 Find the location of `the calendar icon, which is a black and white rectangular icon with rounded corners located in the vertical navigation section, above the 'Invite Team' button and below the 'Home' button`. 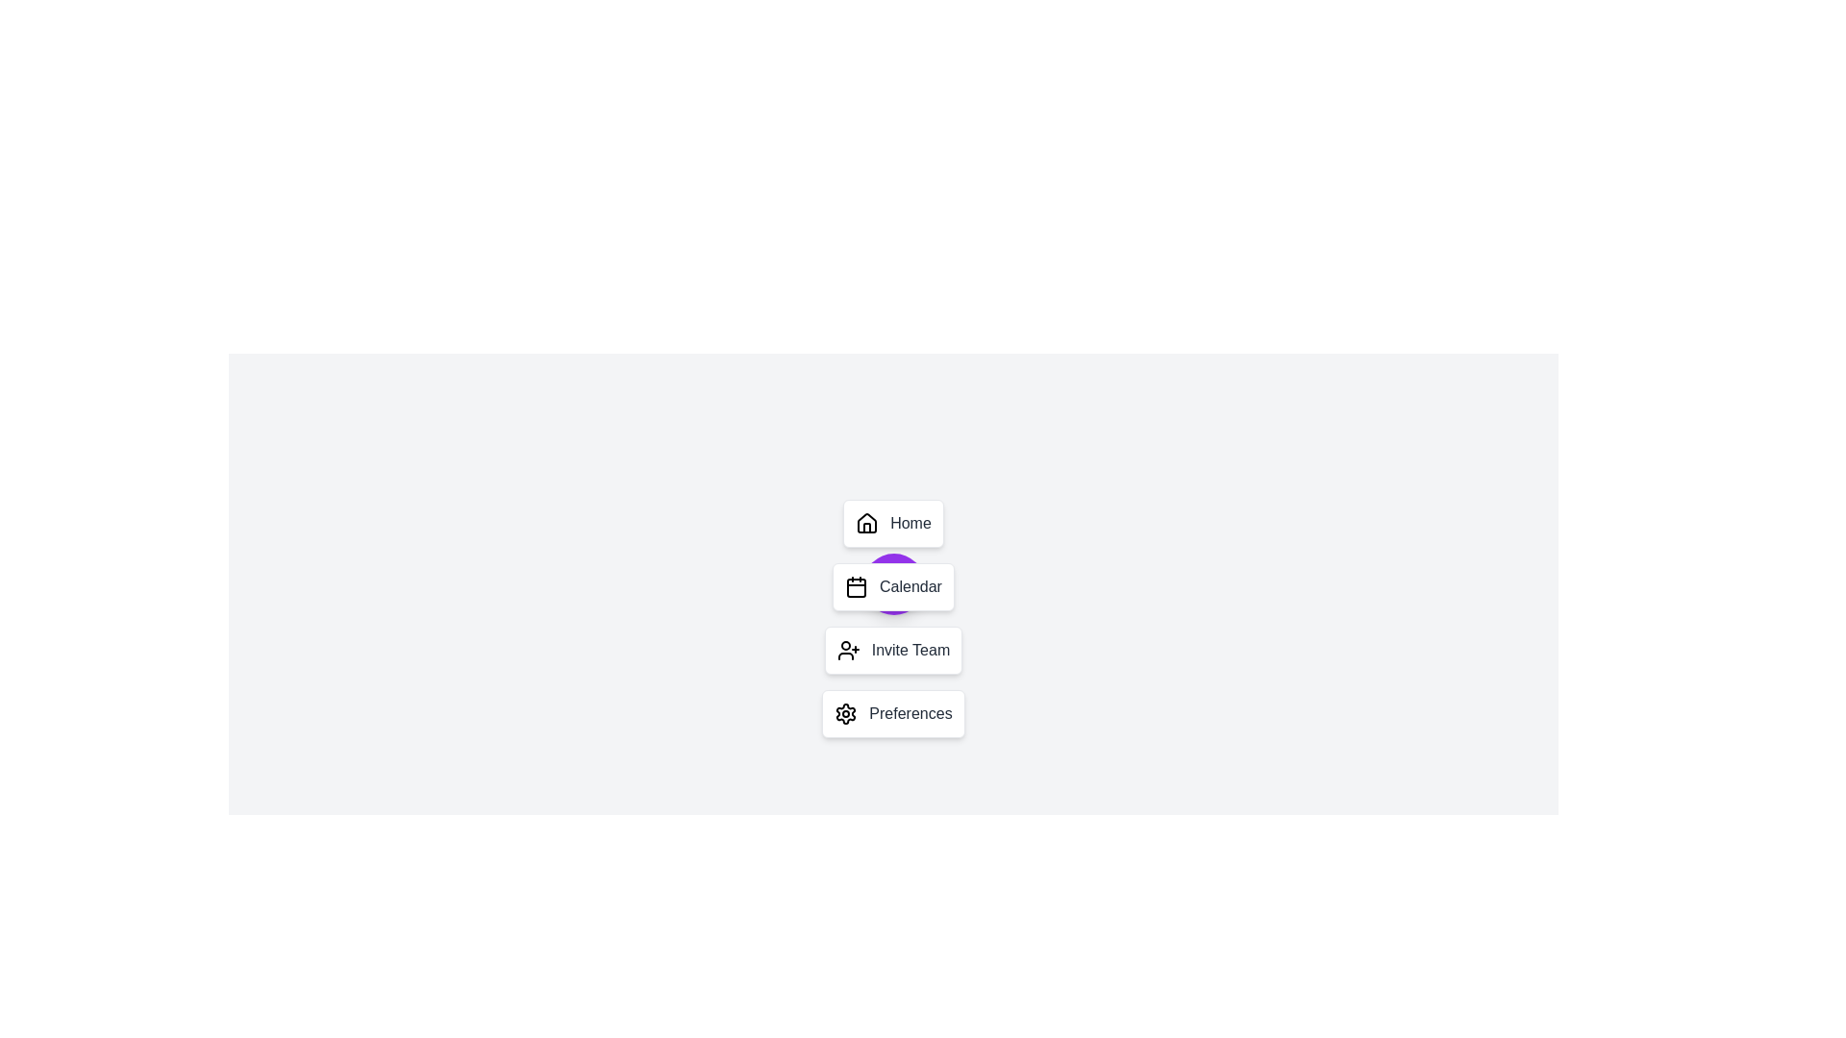

the calendar icon, which is a black and white rectangular icon with rounded corners located in the vertical navigation section, above the 'Invite Team' button and below the 'Home' button is located at coordinates (856, 587).